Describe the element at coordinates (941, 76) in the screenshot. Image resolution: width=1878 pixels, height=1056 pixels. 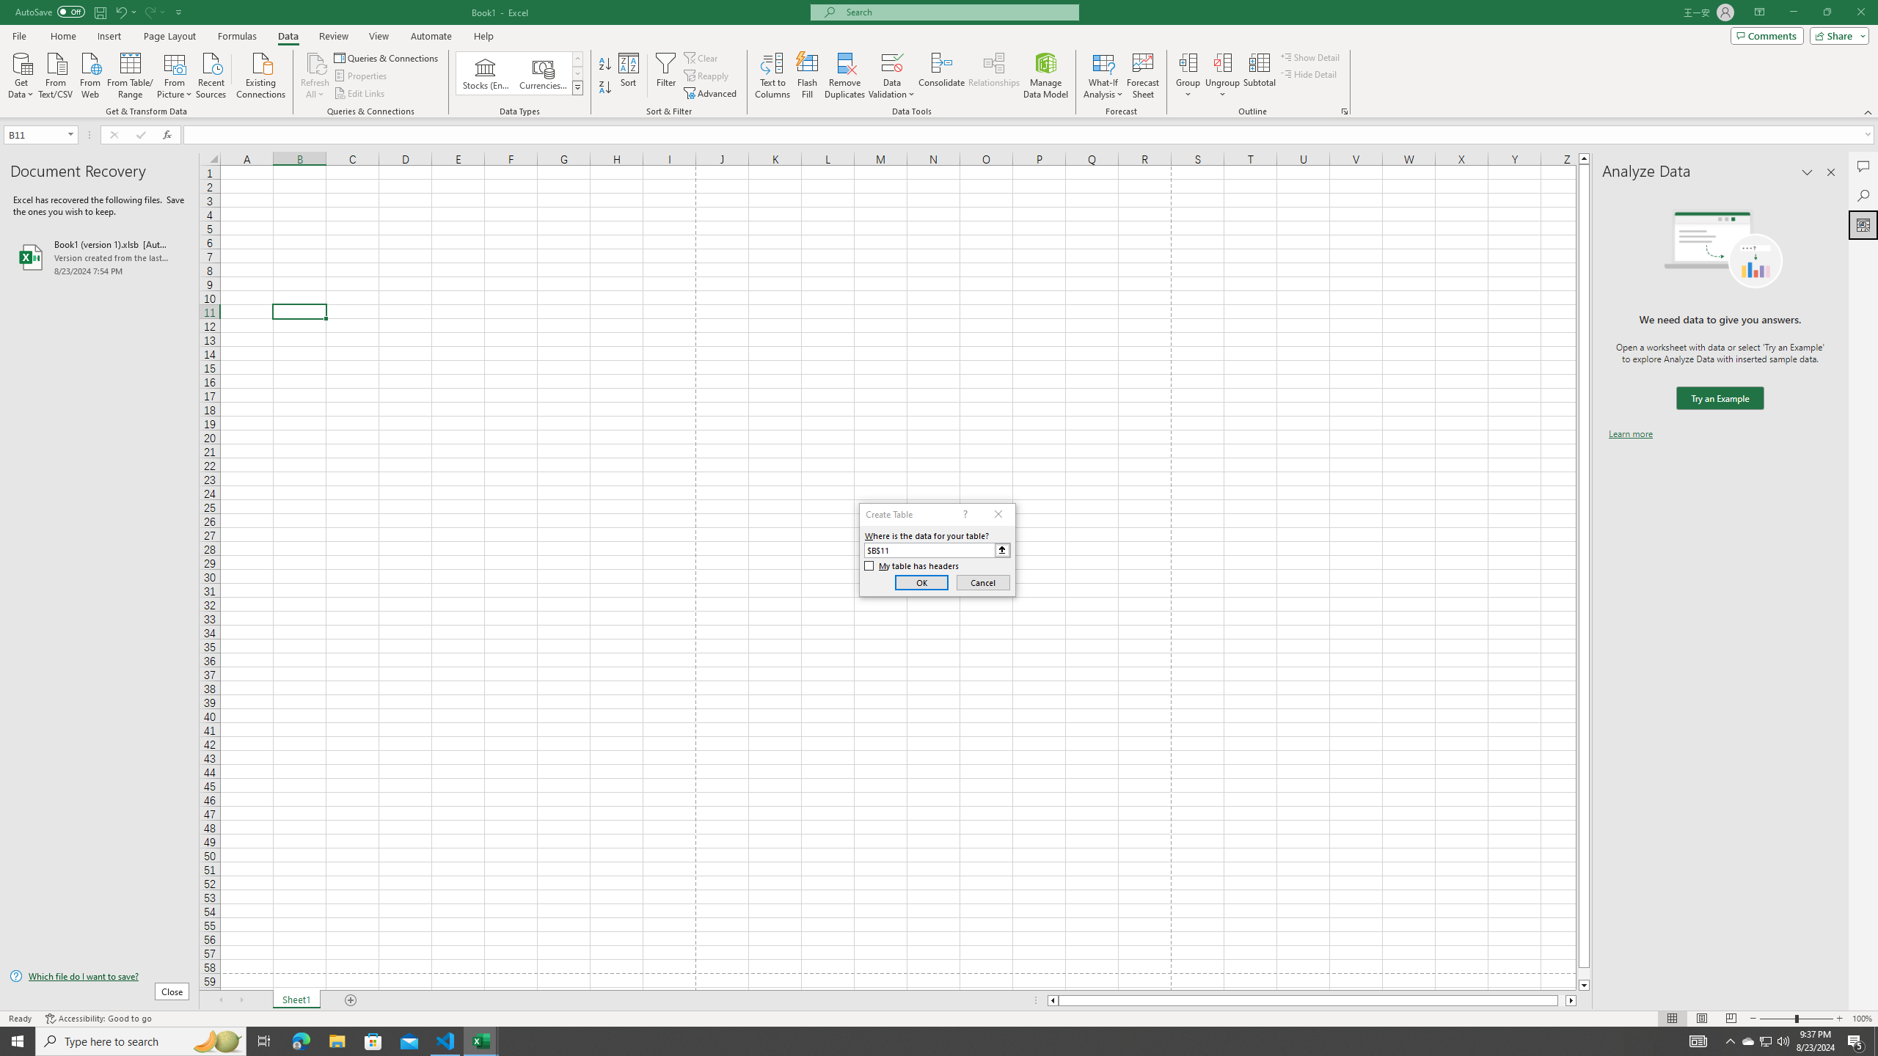
I see `'Consolidate...'` at that location.